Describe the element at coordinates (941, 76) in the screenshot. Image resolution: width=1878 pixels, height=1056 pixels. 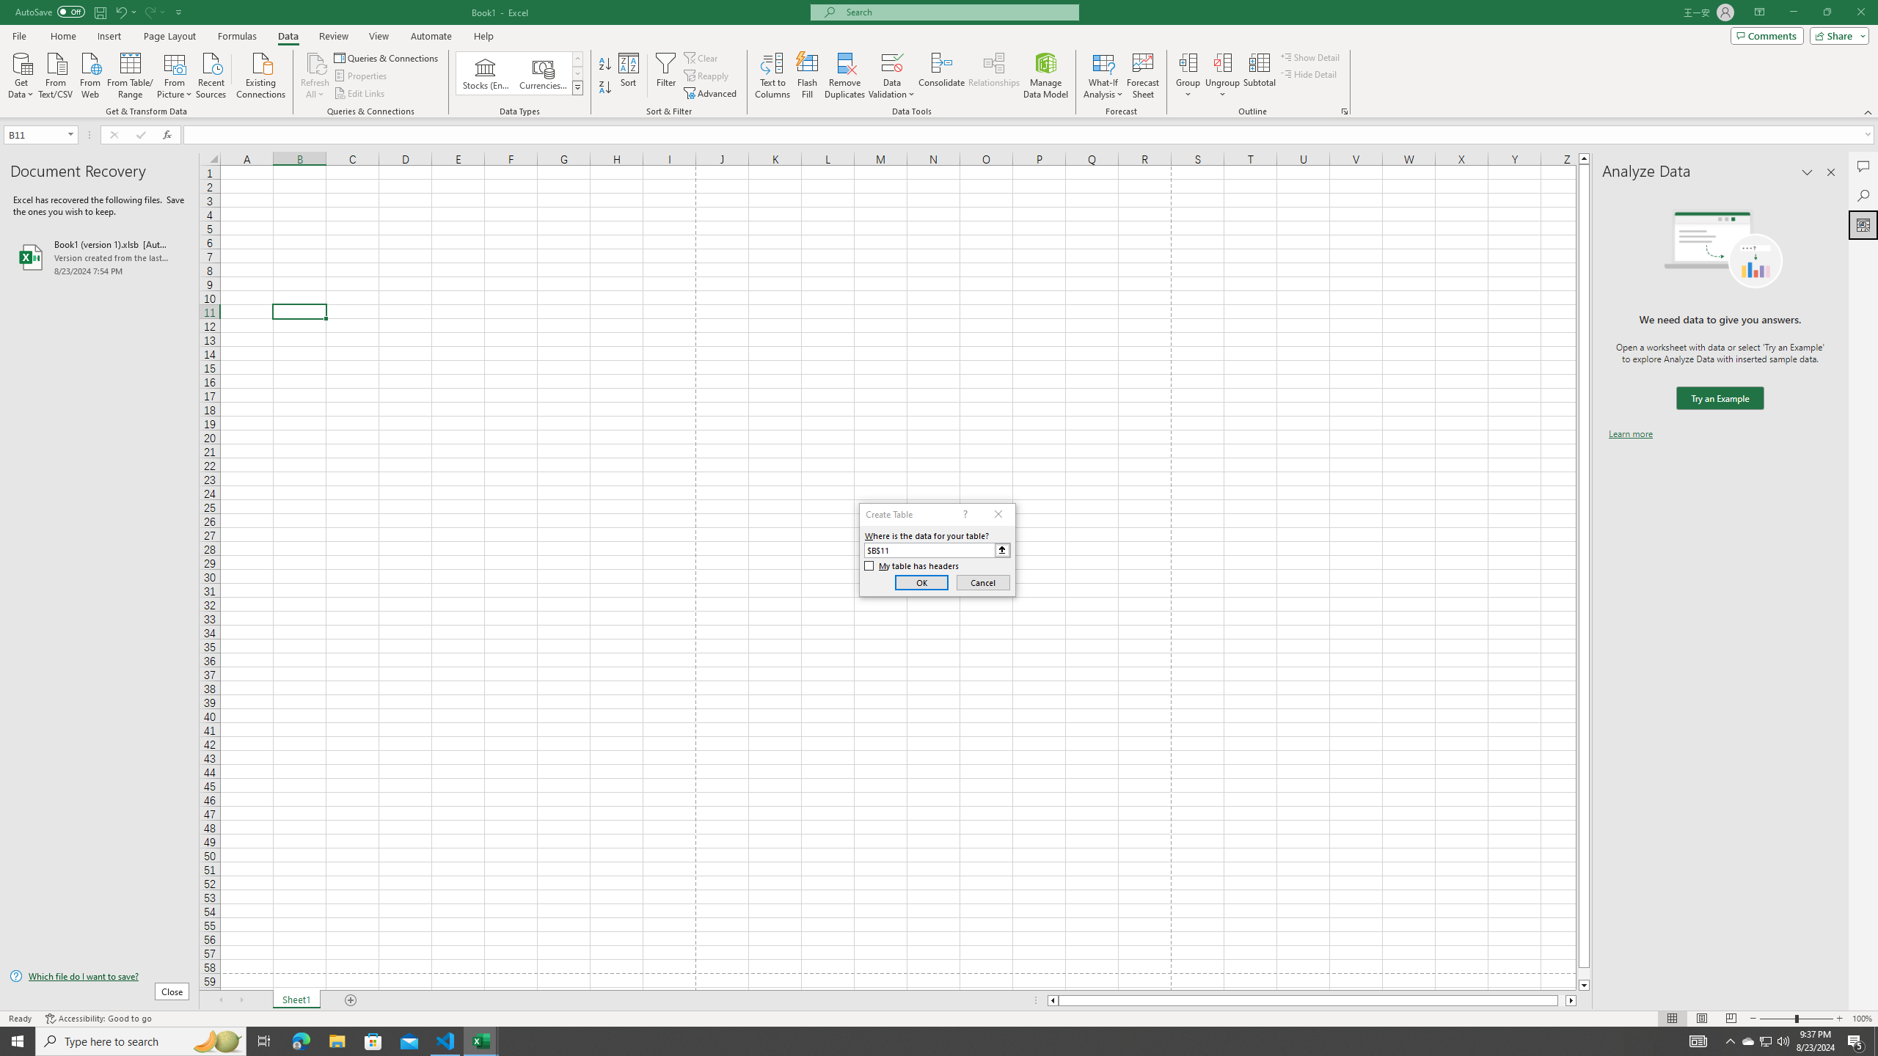
I see `'Consolidate...'` at that location.